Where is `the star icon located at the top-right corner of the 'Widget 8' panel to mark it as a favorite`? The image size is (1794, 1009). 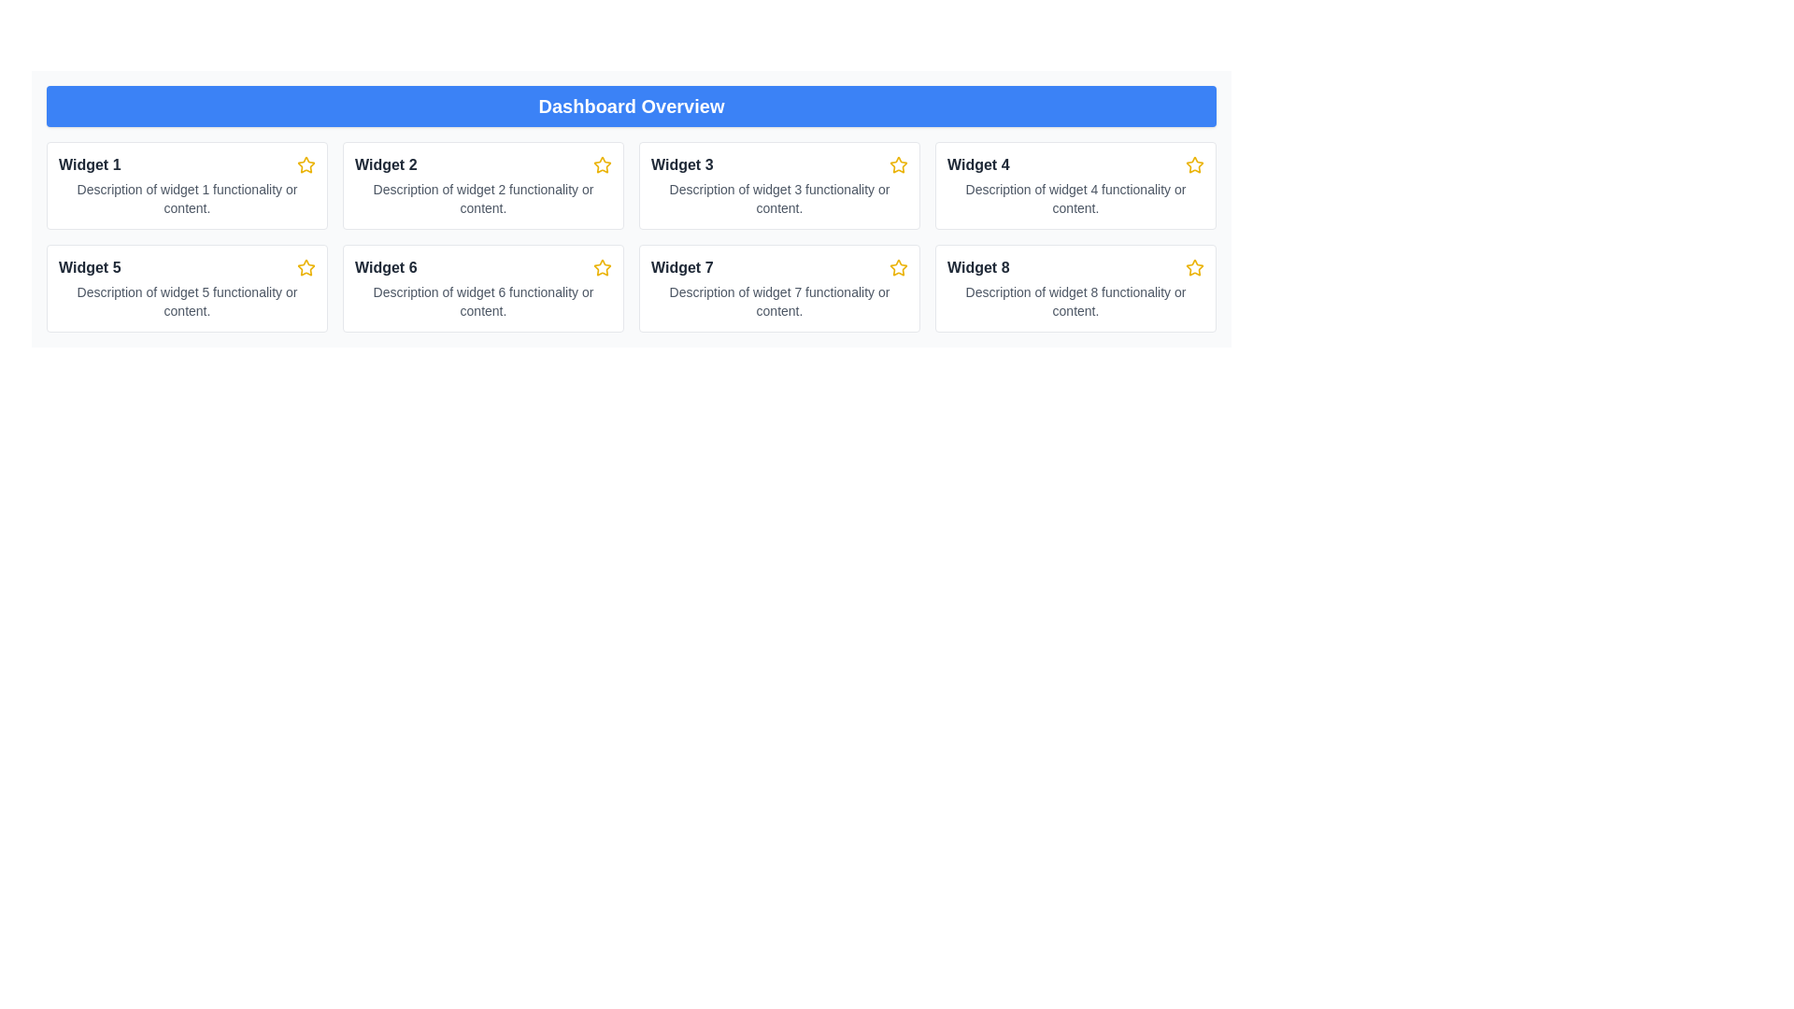 the star icon located at the top-right corner of the 'Widget 8' panel to mark it as a favorite is located at coordinates (1192, 163).